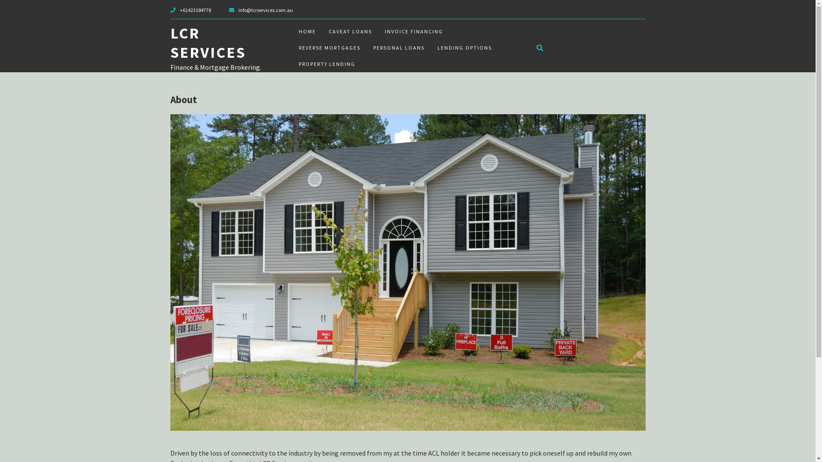 Image resolution: width=822 pixels, height=462 pixels. Describe the element at coordinates (398, 47) in the screenshot. I see `'PERSONAL LOANS'` at that location.